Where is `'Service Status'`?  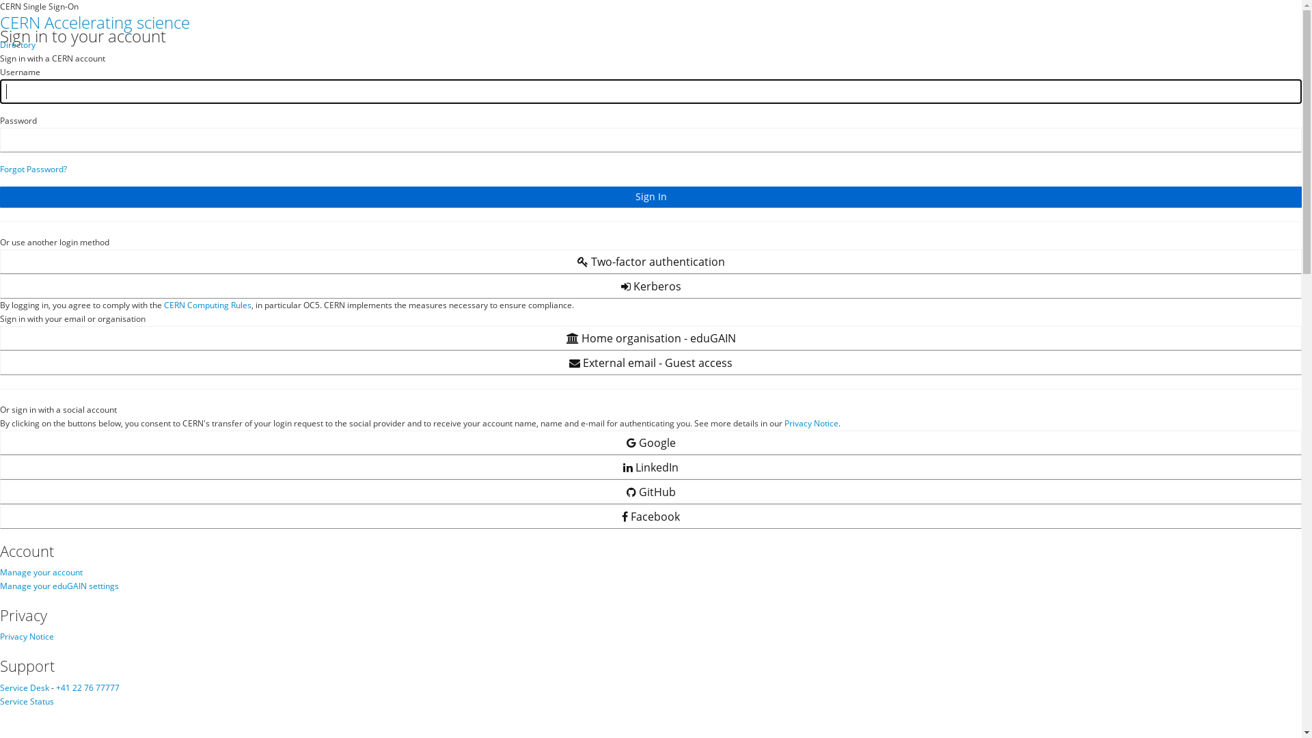 'Service Status' is located at coordinates (27, 701).